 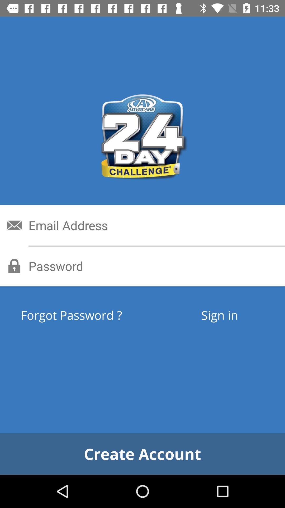 I want to click on icon on the right, so click(x=220, y=315).